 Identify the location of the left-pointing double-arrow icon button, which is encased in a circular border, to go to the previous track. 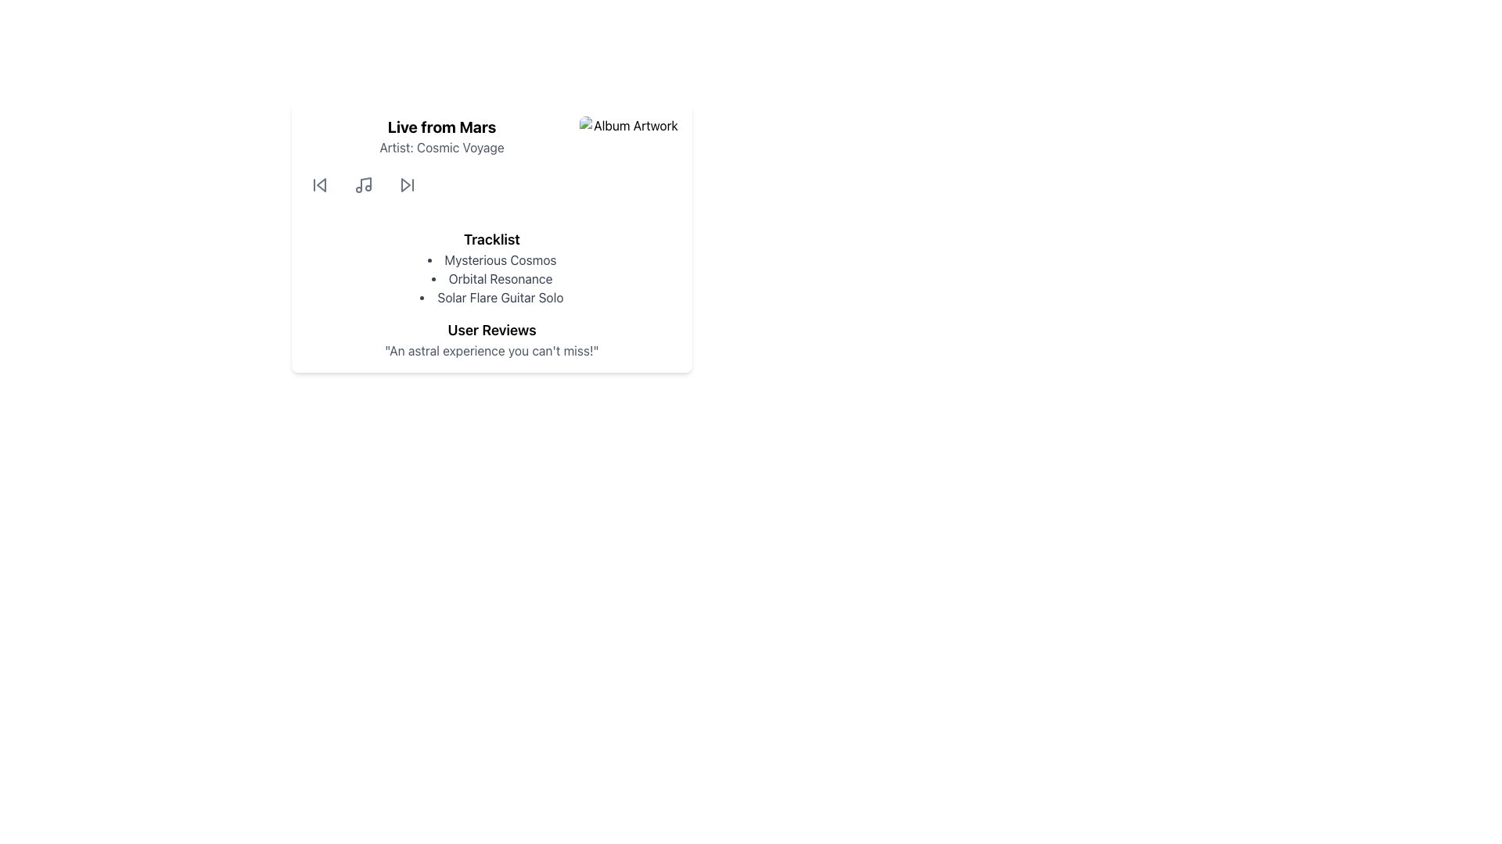
(318, 184).